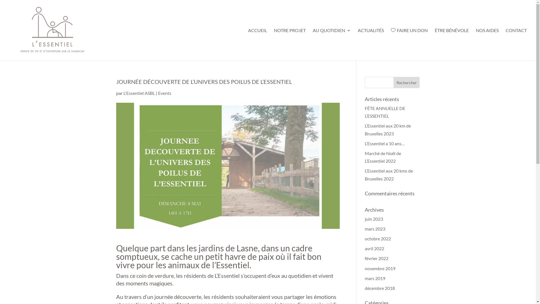  Describe the element at coordinates (364, 268) in the screenshot. I see `'novembre 2019'` at that location.